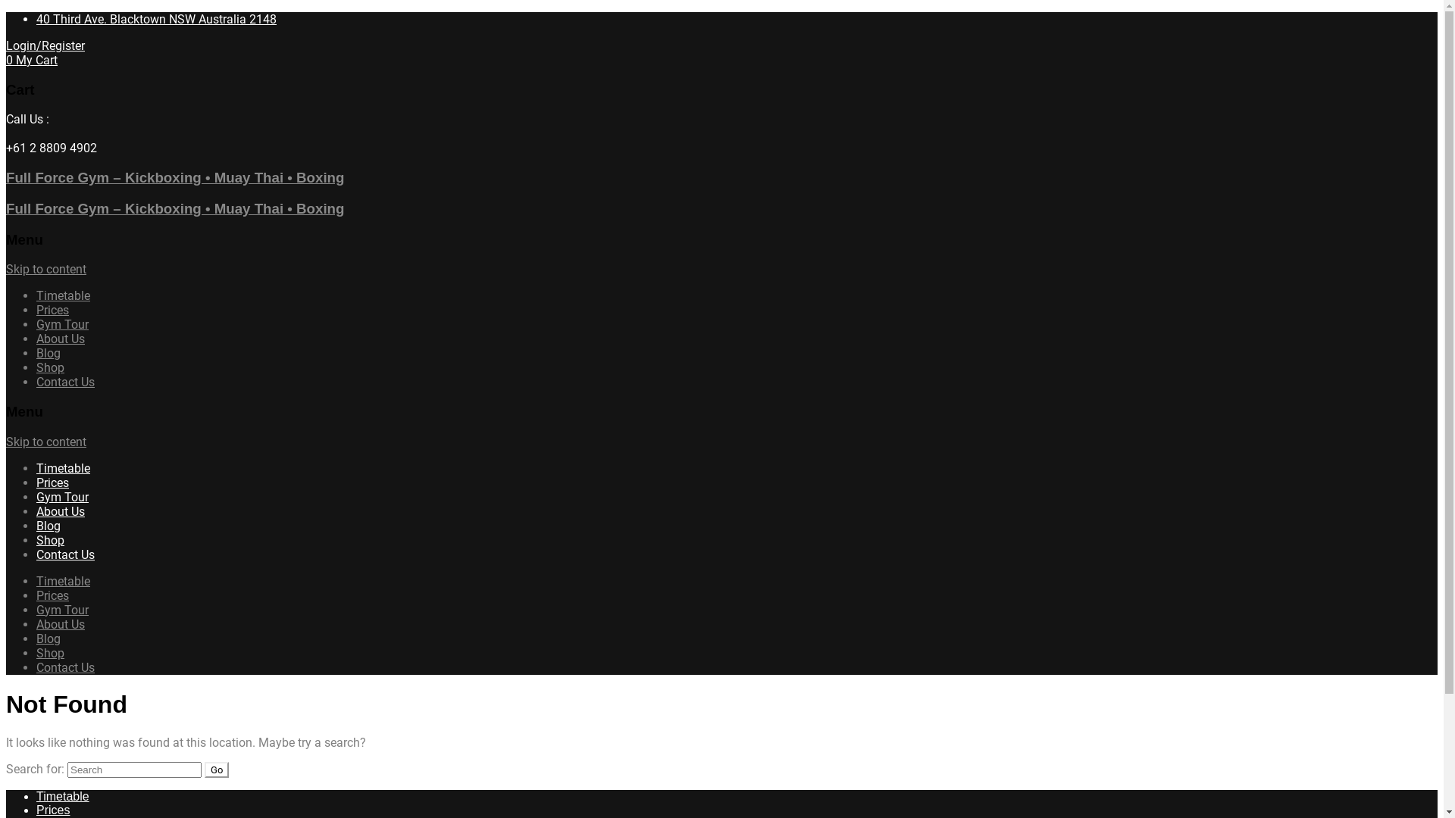 The image size is (1455, 818). I want to click on 'Blog', so click(36, 353).